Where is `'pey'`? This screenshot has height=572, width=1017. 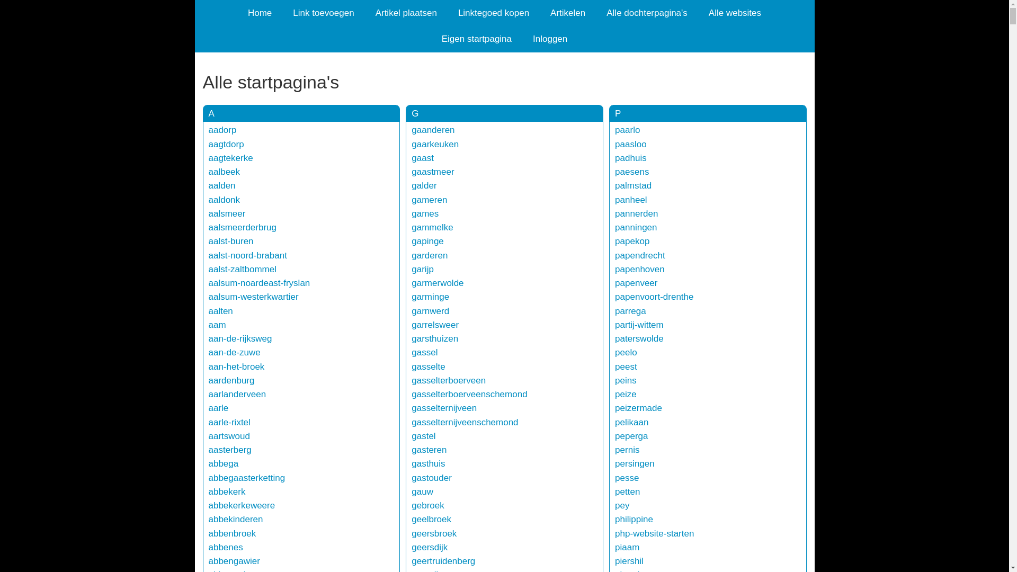
'pey' is located at coordinates (622, 505).